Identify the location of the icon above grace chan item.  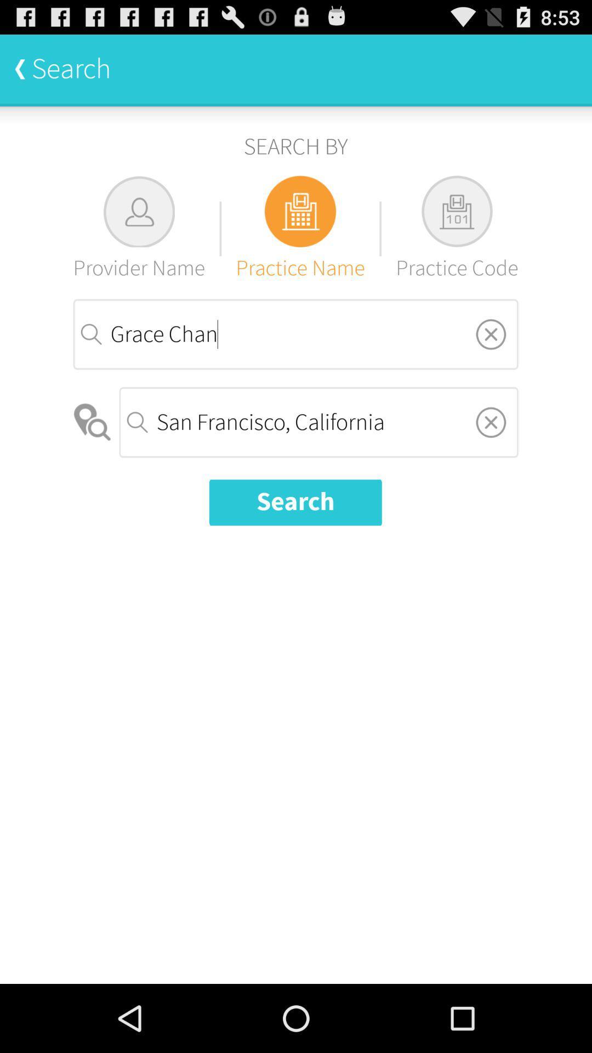
(300, 228).